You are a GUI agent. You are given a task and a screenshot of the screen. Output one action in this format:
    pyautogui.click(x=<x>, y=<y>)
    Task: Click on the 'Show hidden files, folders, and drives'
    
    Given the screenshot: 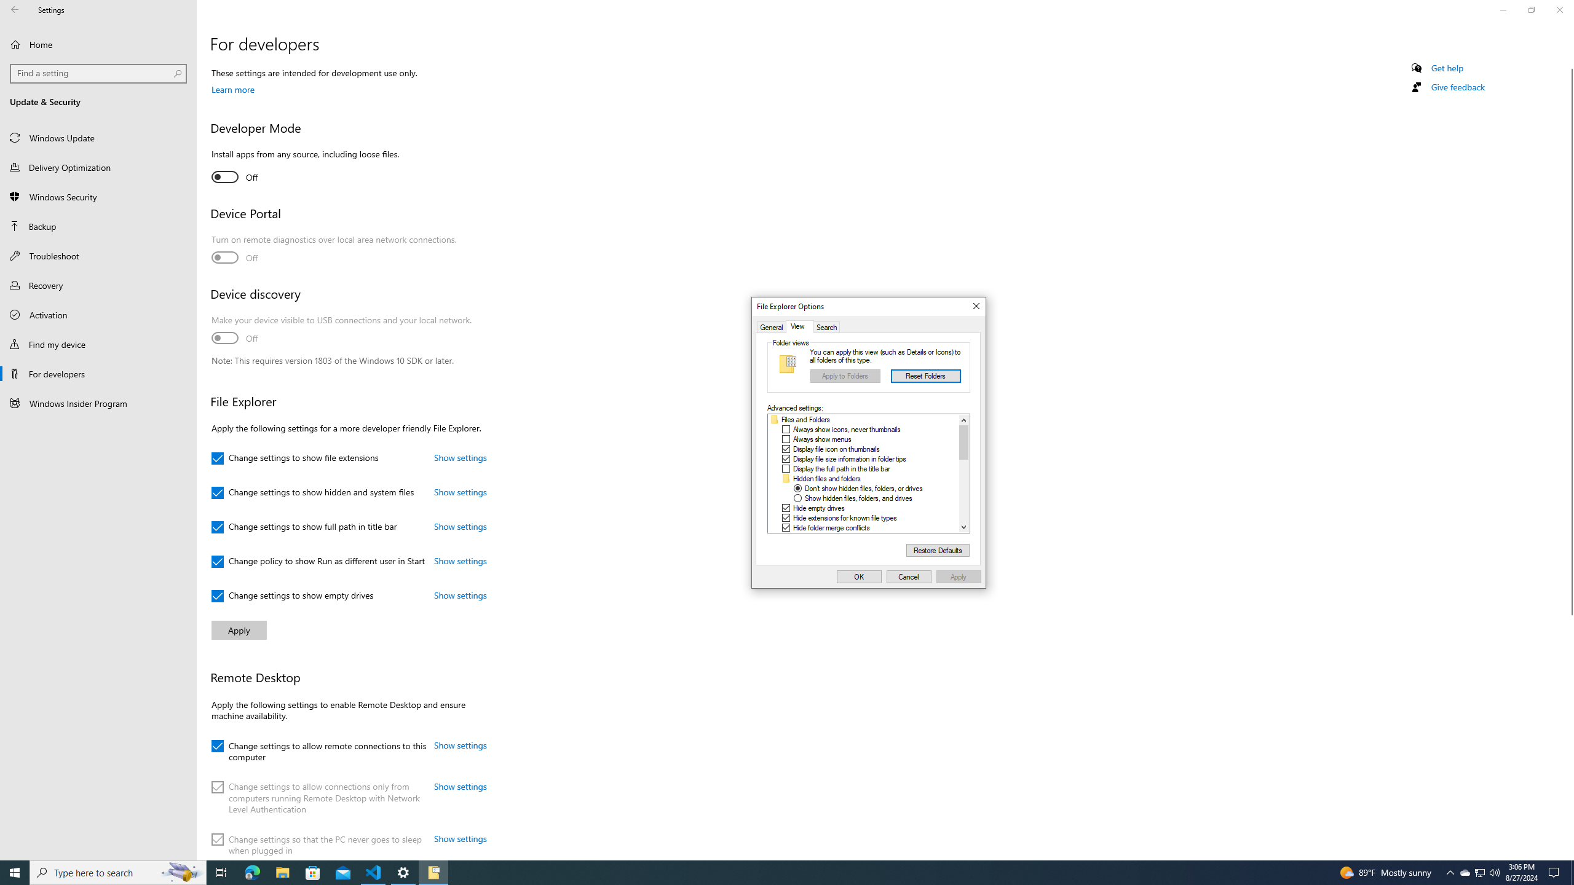 What is the action you would take?
    pyautogui.click(x=858, y=498)
    